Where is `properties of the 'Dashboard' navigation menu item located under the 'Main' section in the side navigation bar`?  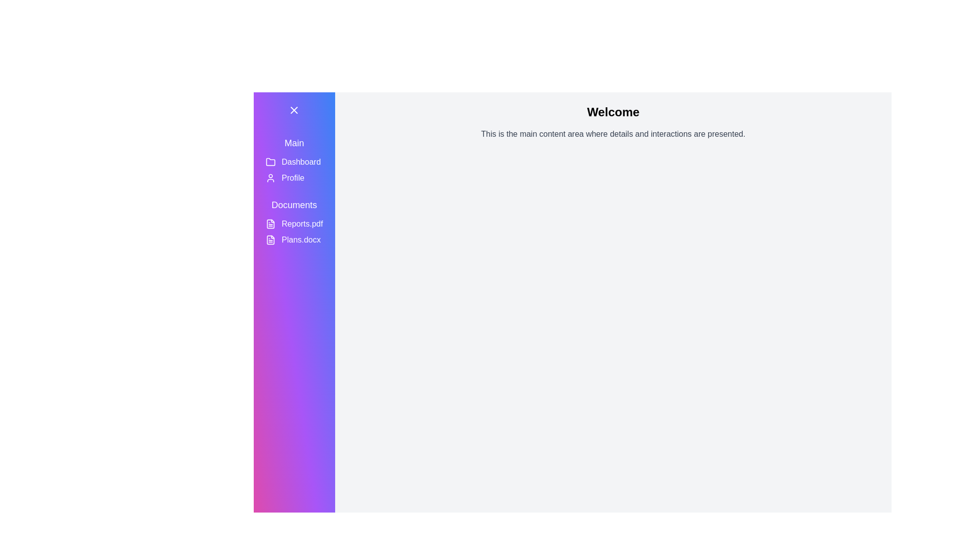
properties of the 'Dashboard' navigation menu item located under the 'Main' section in the side navigation bar is located at coordinates (294, 161).